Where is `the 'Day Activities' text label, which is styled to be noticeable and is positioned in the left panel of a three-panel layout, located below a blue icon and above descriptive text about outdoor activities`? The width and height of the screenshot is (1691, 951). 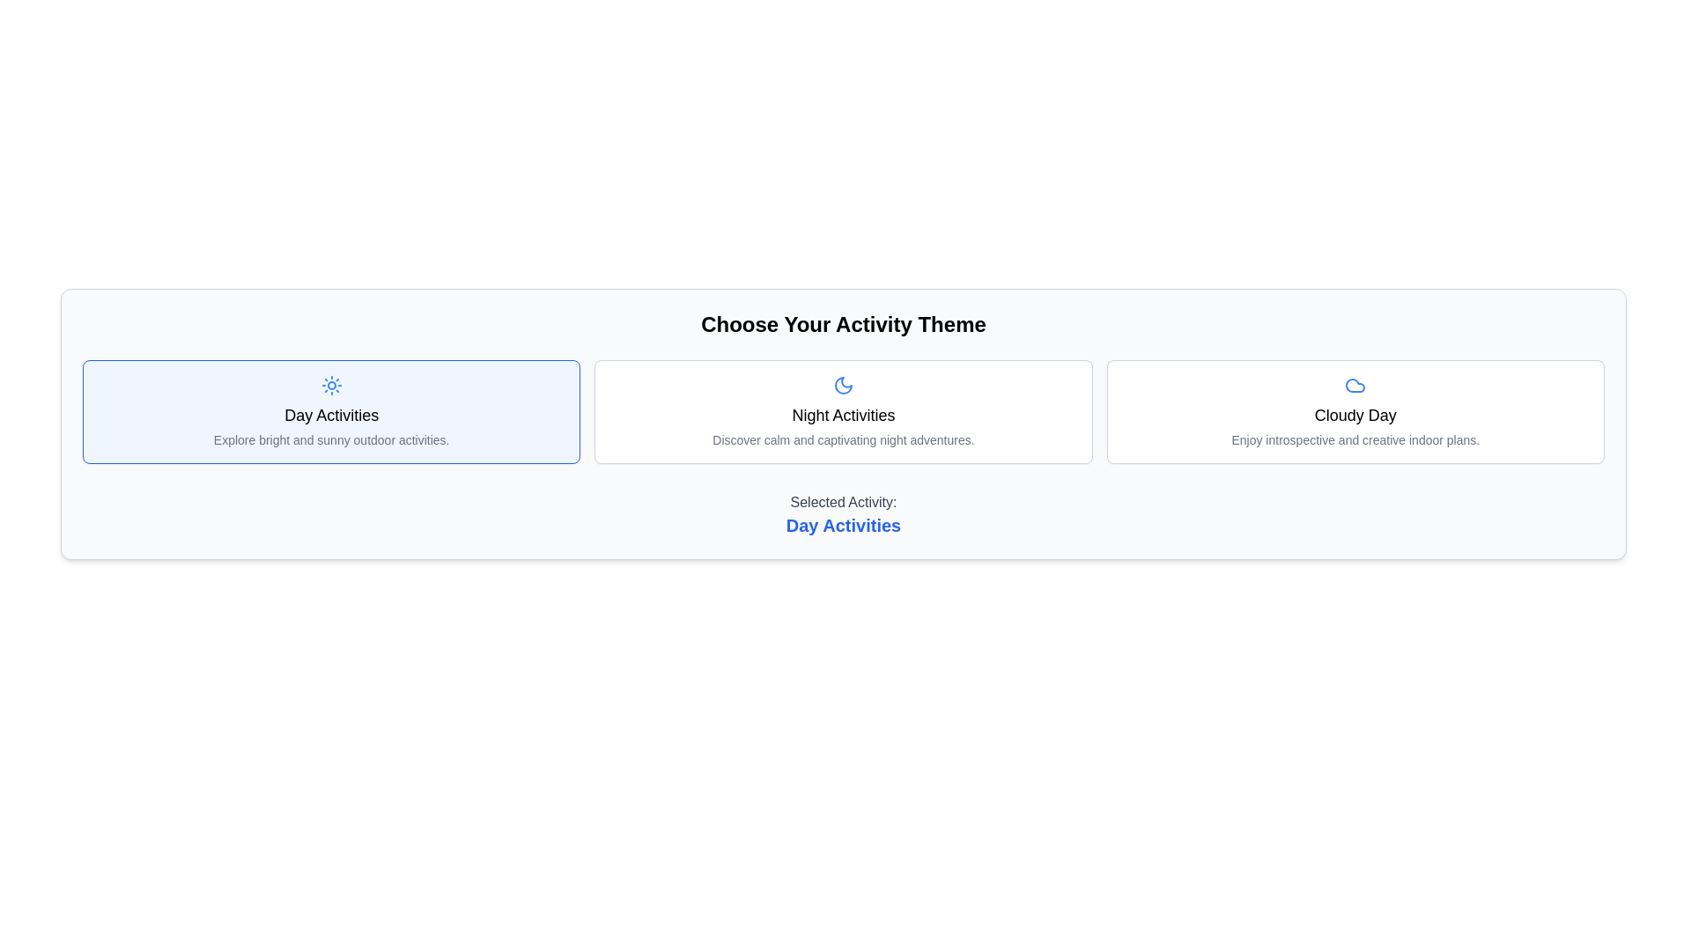
the 'Day Activities' text label, which is styled to be noticeable and is positioned in the left panel of a three-panel layout, located below a blue icon and above descriptive text about outdoor activities is located at coordinates (331, 415).